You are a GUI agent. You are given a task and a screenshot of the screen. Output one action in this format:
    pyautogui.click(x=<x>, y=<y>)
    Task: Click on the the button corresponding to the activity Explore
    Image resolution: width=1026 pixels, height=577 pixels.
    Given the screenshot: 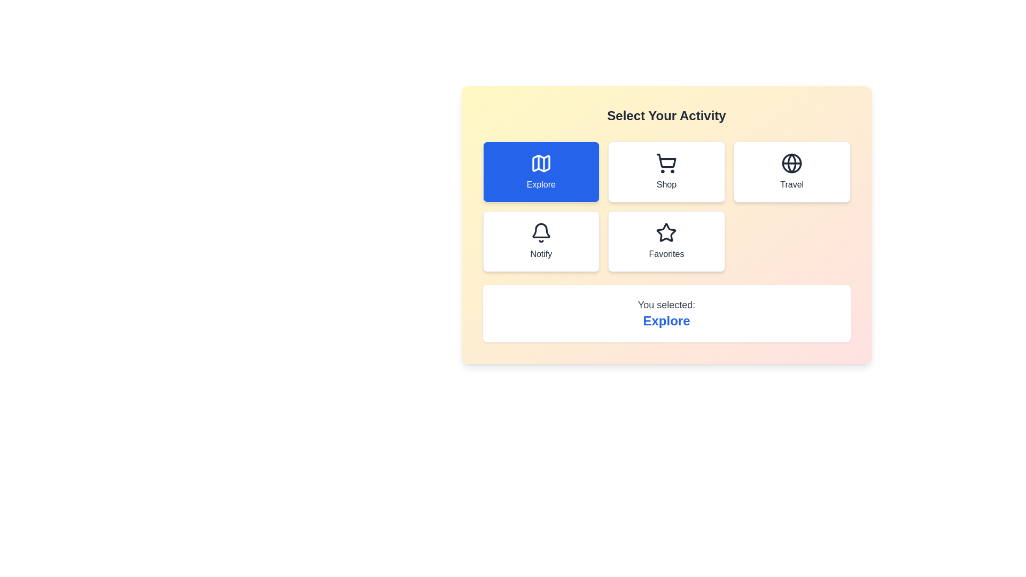 What is the action you would take?
    pyautogui.click(x=541, y=171)
    